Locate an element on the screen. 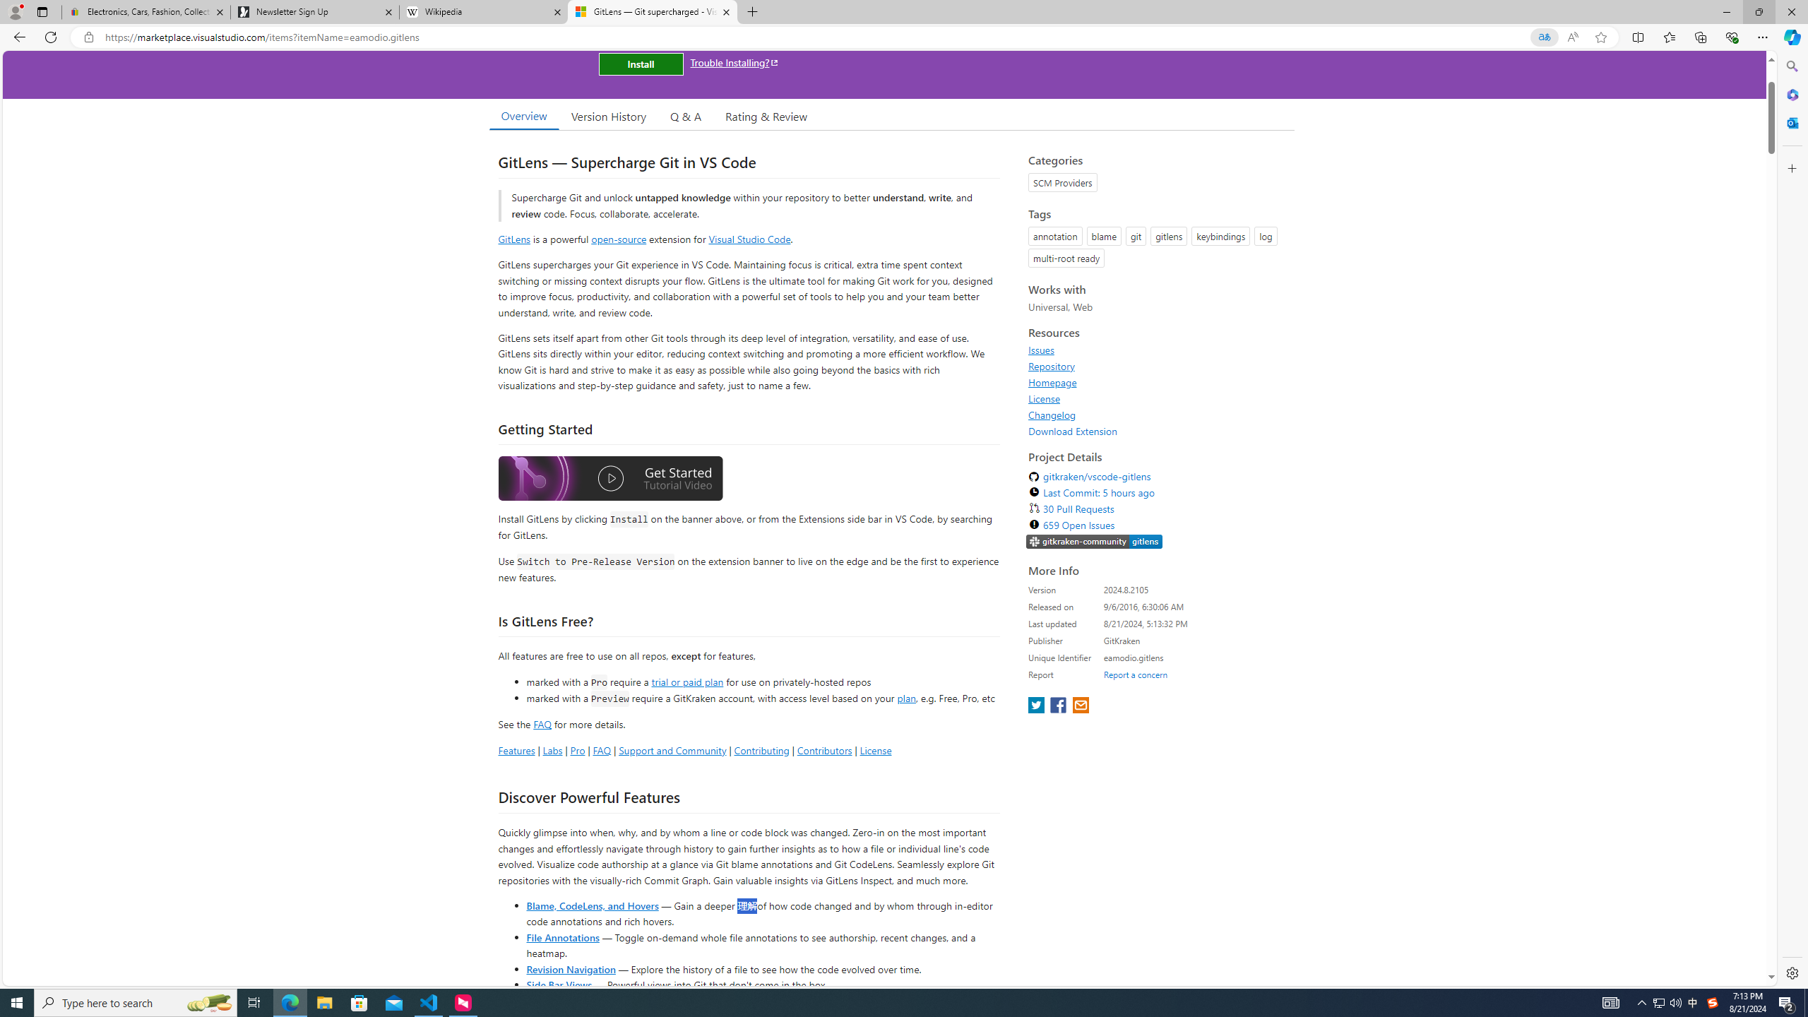  'Download Extension' is located at coordinates (1157, 430).